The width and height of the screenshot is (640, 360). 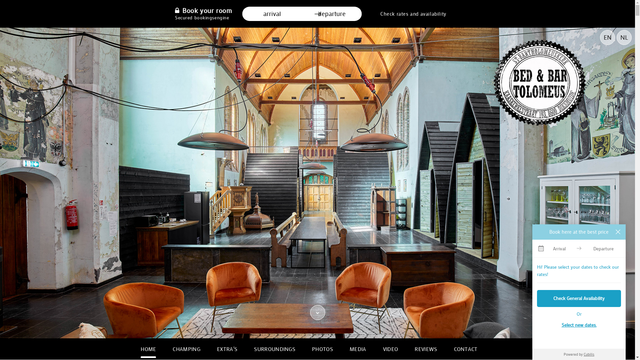 I want to click on 'NL', so click(x=616, y=37).